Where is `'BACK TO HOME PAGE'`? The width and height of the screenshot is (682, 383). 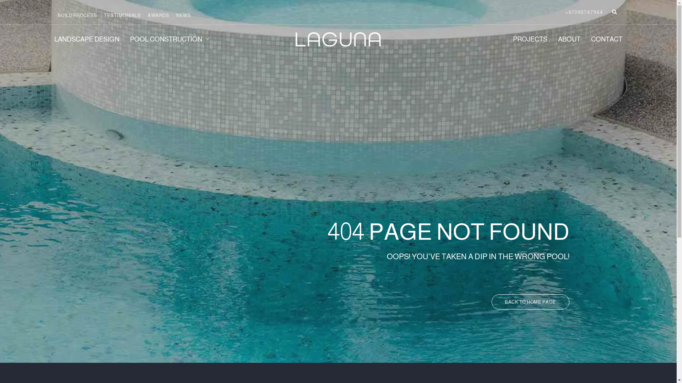 'BACK TO HOME PAGE' is located at coordinates (530, 302).